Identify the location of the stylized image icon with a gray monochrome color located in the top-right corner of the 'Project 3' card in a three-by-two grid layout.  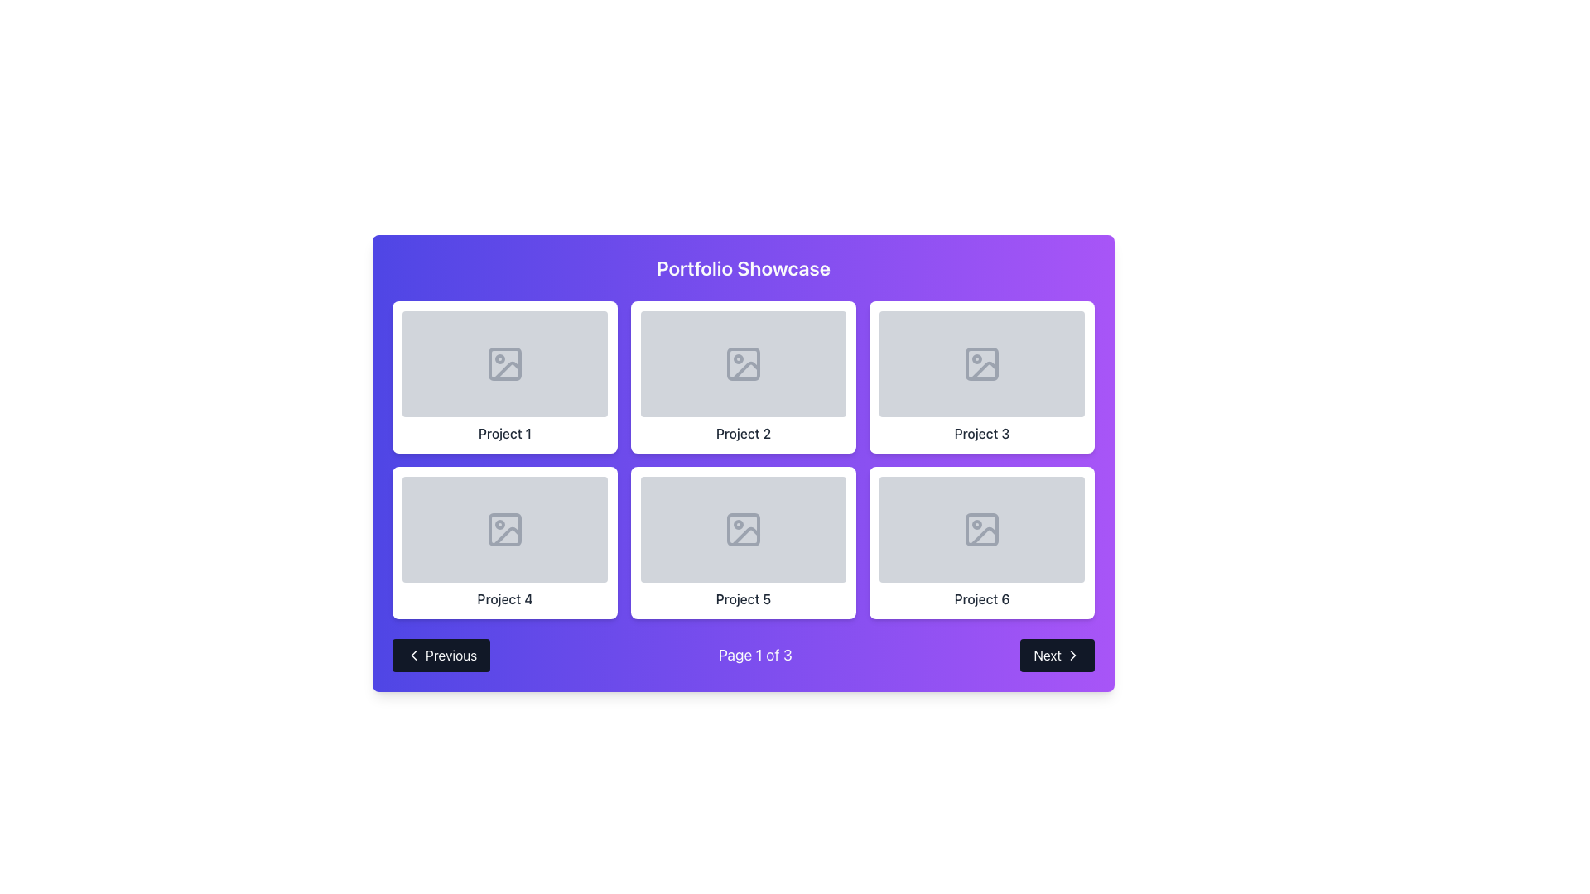
(981, 363).